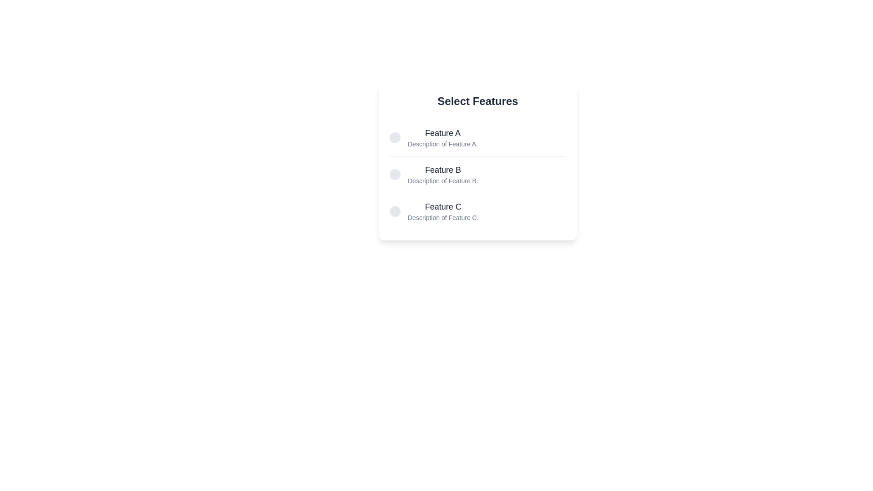  What do you see at coordinates (395, 138) in the screenshot?
I see `the center of the radio button for 'Feature A'` at bounding box center [395, 138].